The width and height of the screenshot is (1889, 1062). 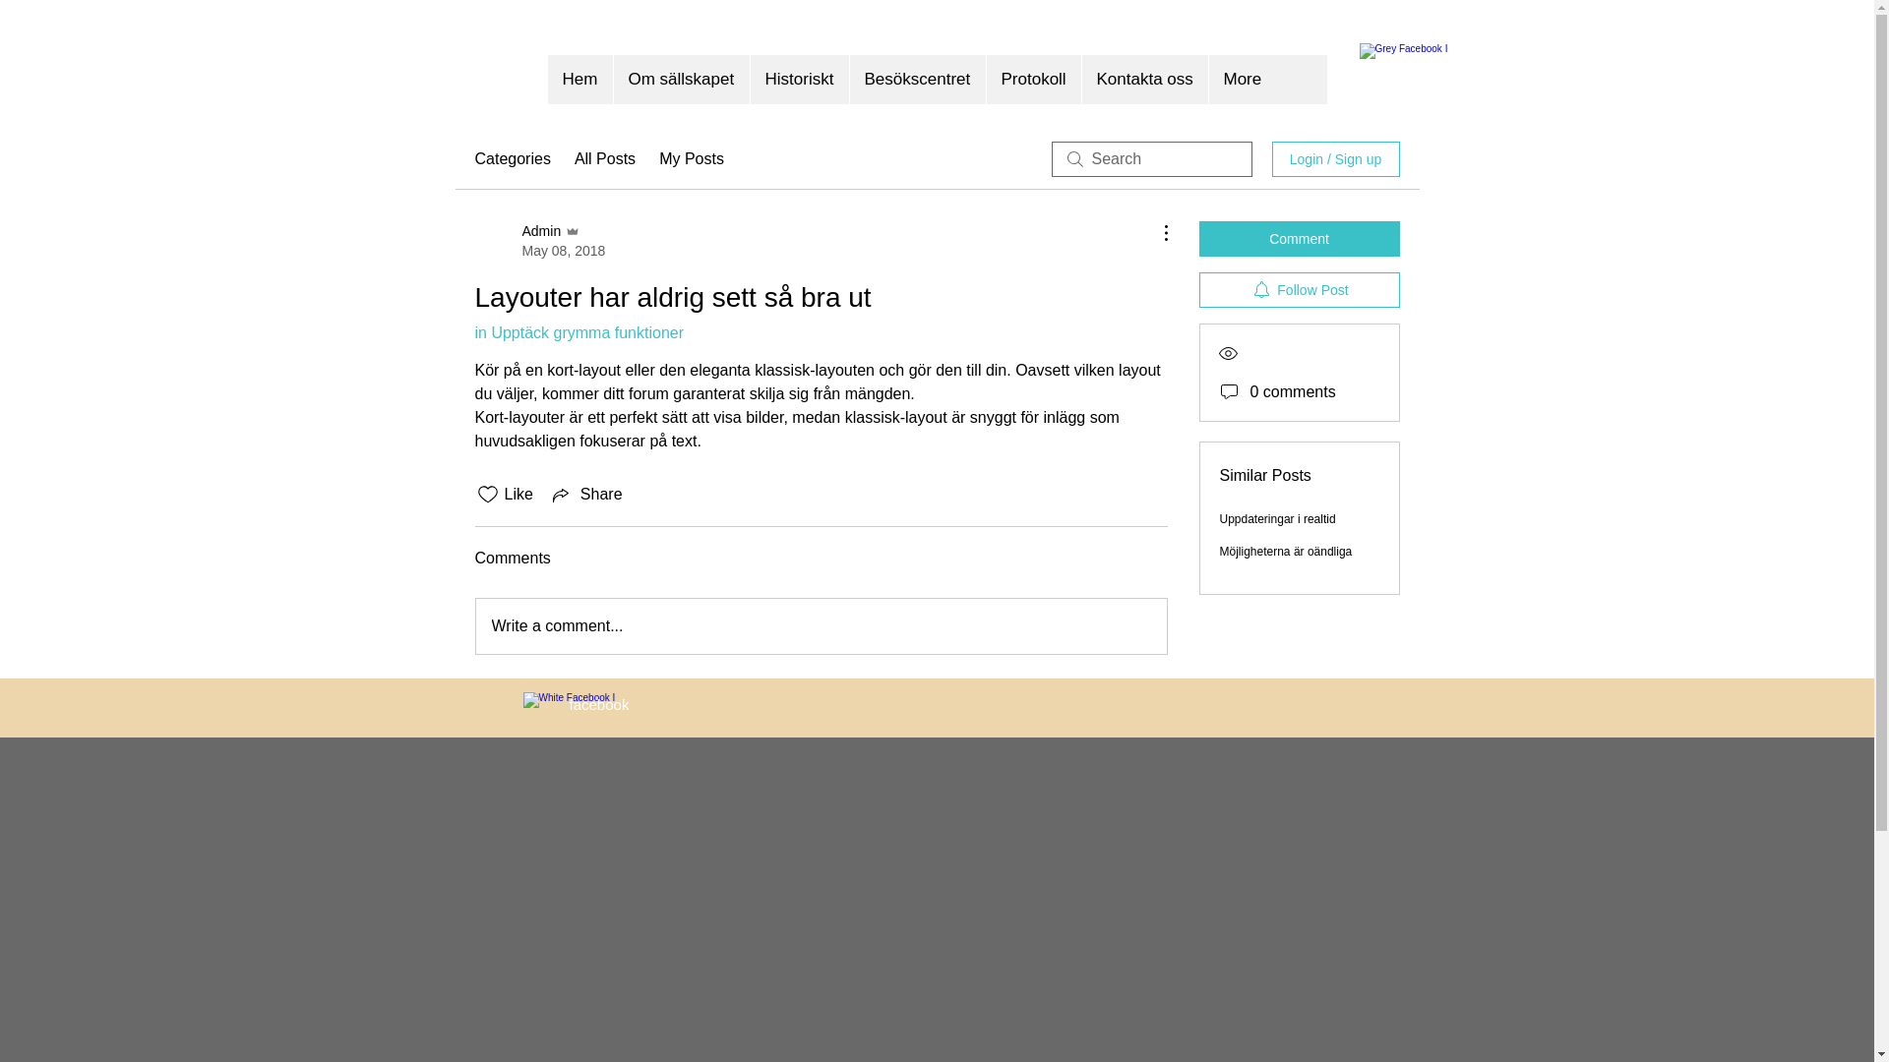 I want to click on 'Hem', so click(x=579, y=79).